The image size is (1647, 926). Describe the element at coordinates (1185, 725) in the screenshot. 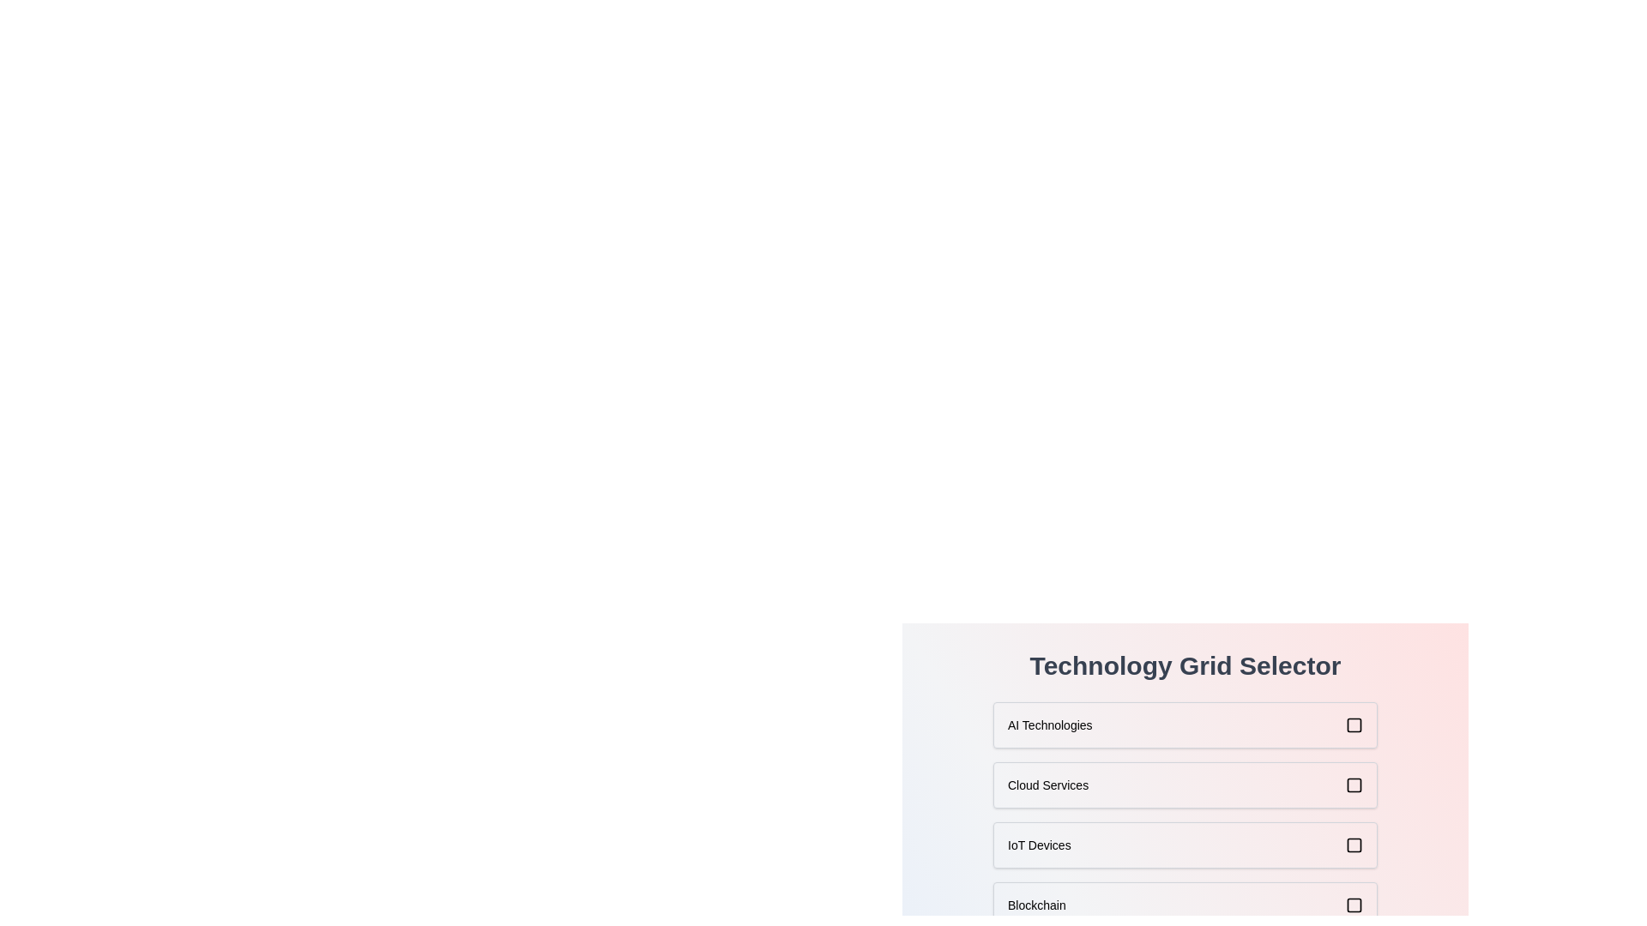

I see `the item labeled AI Technologies in the grid to select it` at that location.